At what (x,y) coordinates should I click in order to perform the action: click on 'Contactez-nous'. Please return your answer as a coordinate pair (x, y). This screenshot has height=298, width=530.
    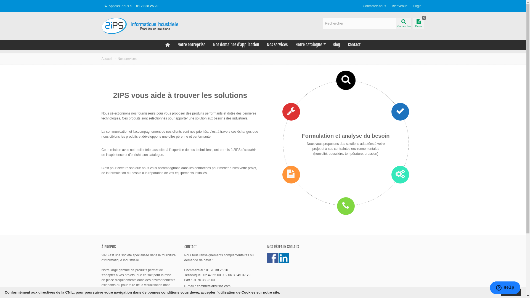
    Looking at the image, I should click on (374, 6).